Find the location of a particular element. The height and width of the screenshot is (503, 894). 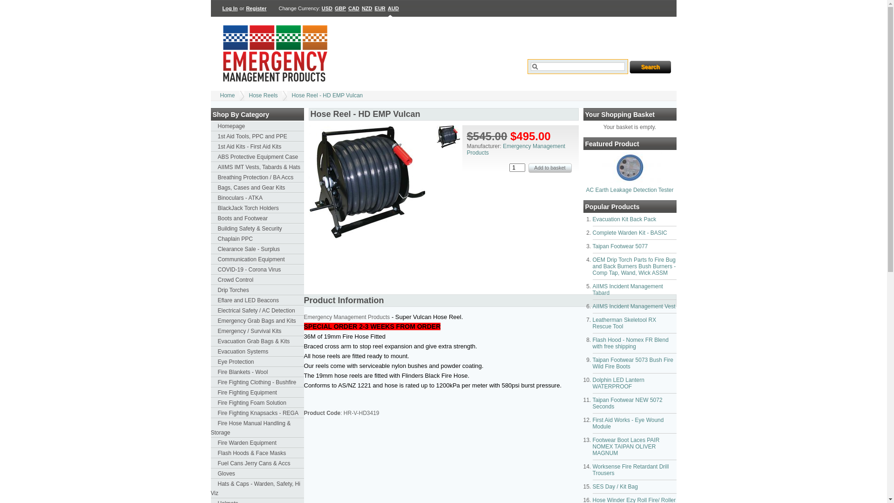

'1st Aid Kits - First Aid Kits' is located at coordinates (257, 147).